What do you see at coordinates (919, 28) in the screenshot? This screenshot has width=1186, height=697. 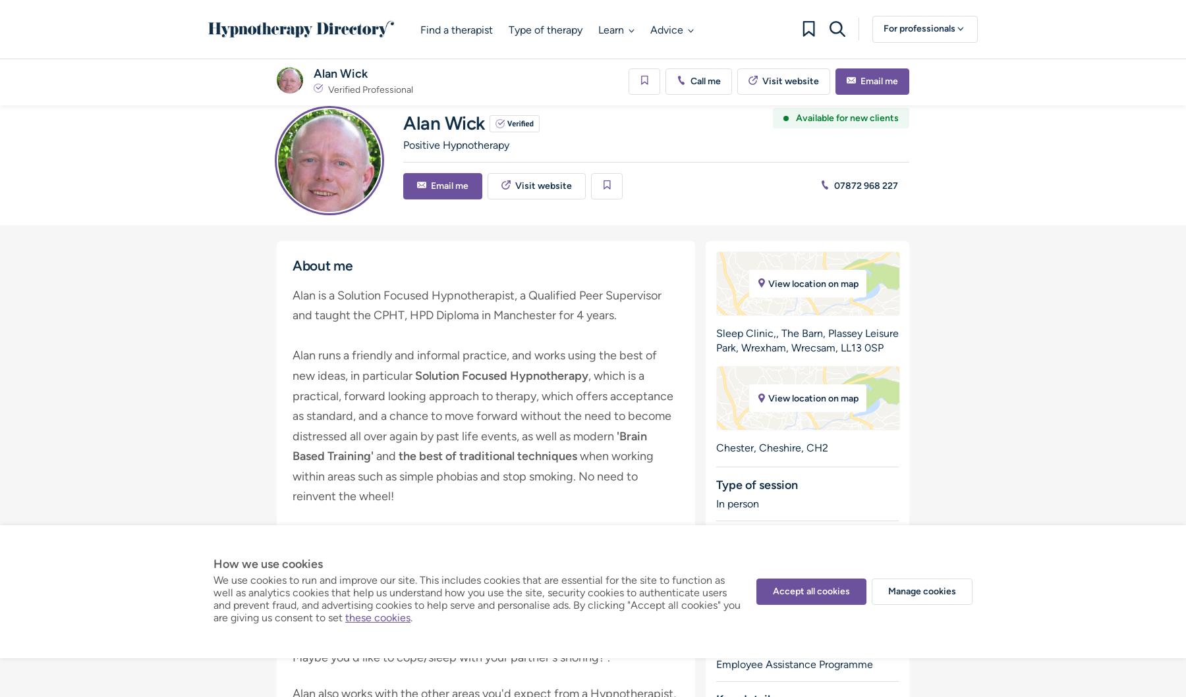 I see `'For professionals'` at bounding box center [919, 28].